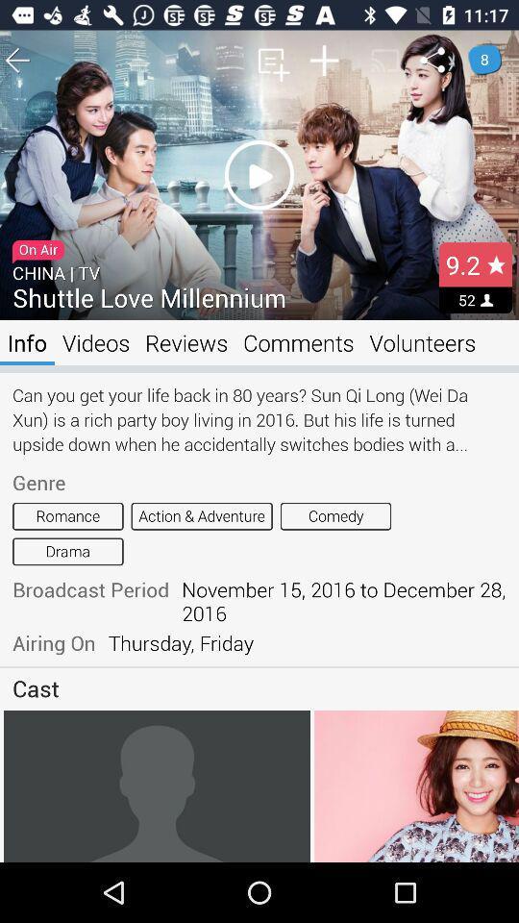 The width and height of the screenshot is (519, 923). I want to click on the icon above the drama icon, so click(66, 515).